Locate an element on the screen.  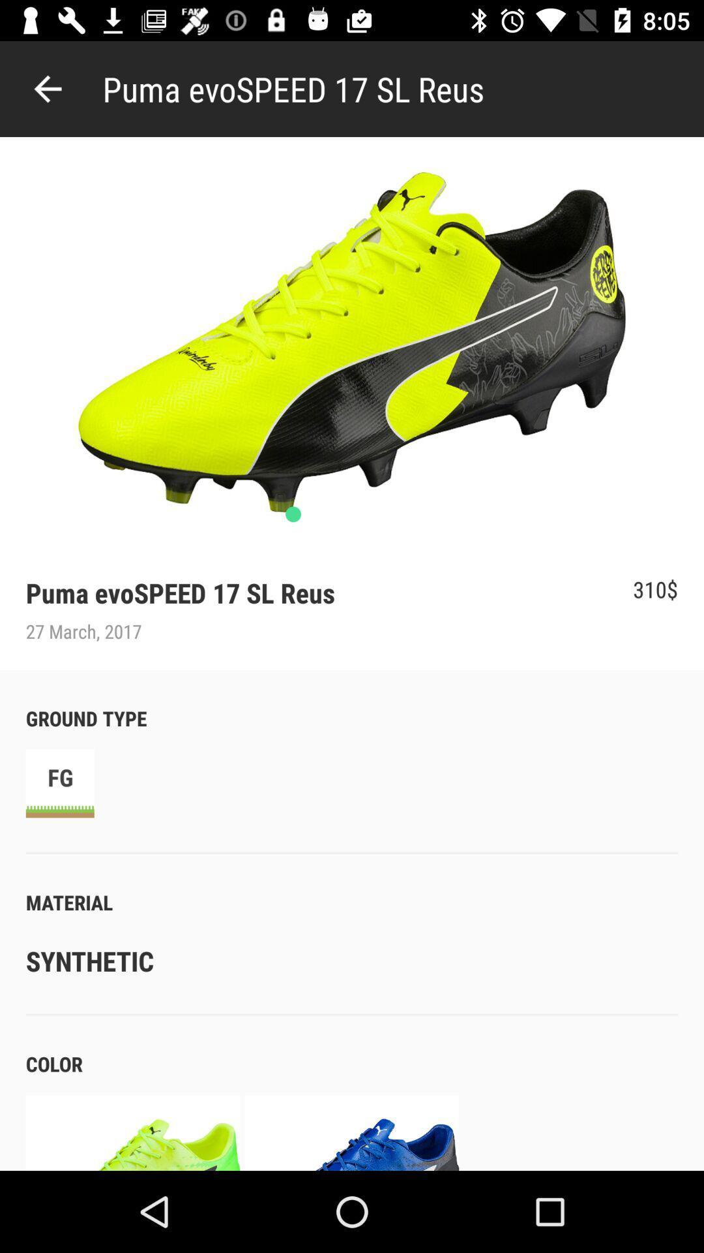
the icon at the top left corner is located at coordinates (47, 88).